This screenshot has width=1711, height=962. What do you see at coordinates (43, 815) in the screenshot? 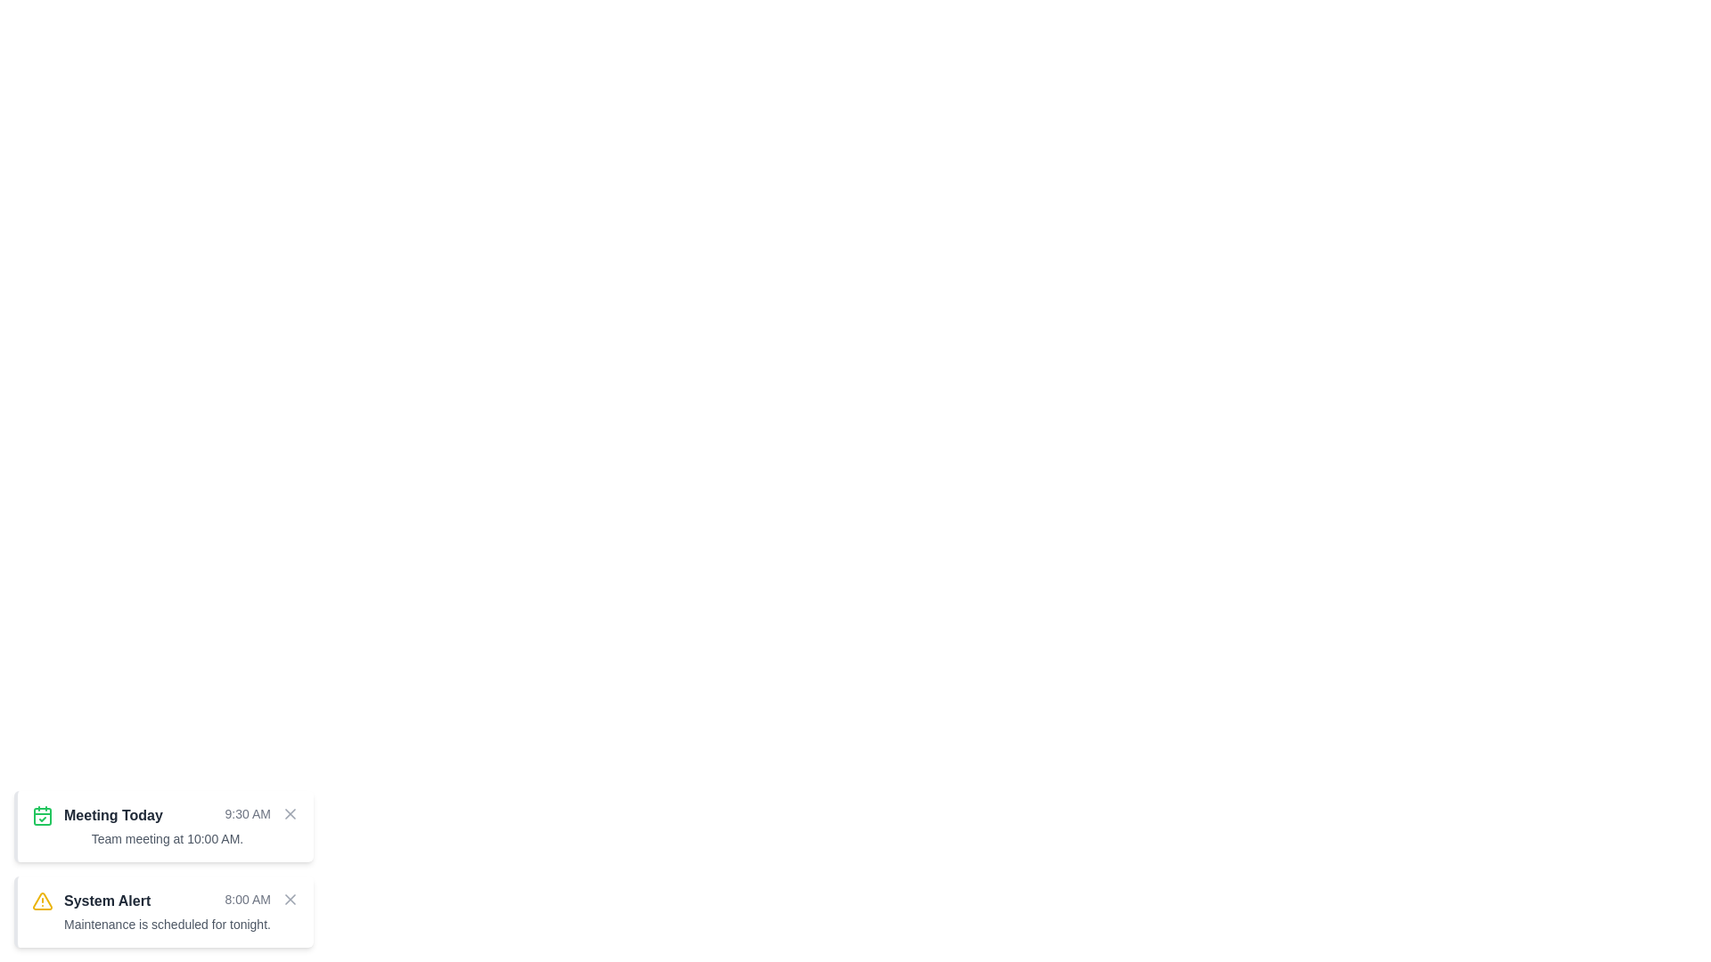
I see `the small green calendar icon with a checkmark located at the top-left corner of the 'Meeting Today' notification card` at bounding box center [43, 815].